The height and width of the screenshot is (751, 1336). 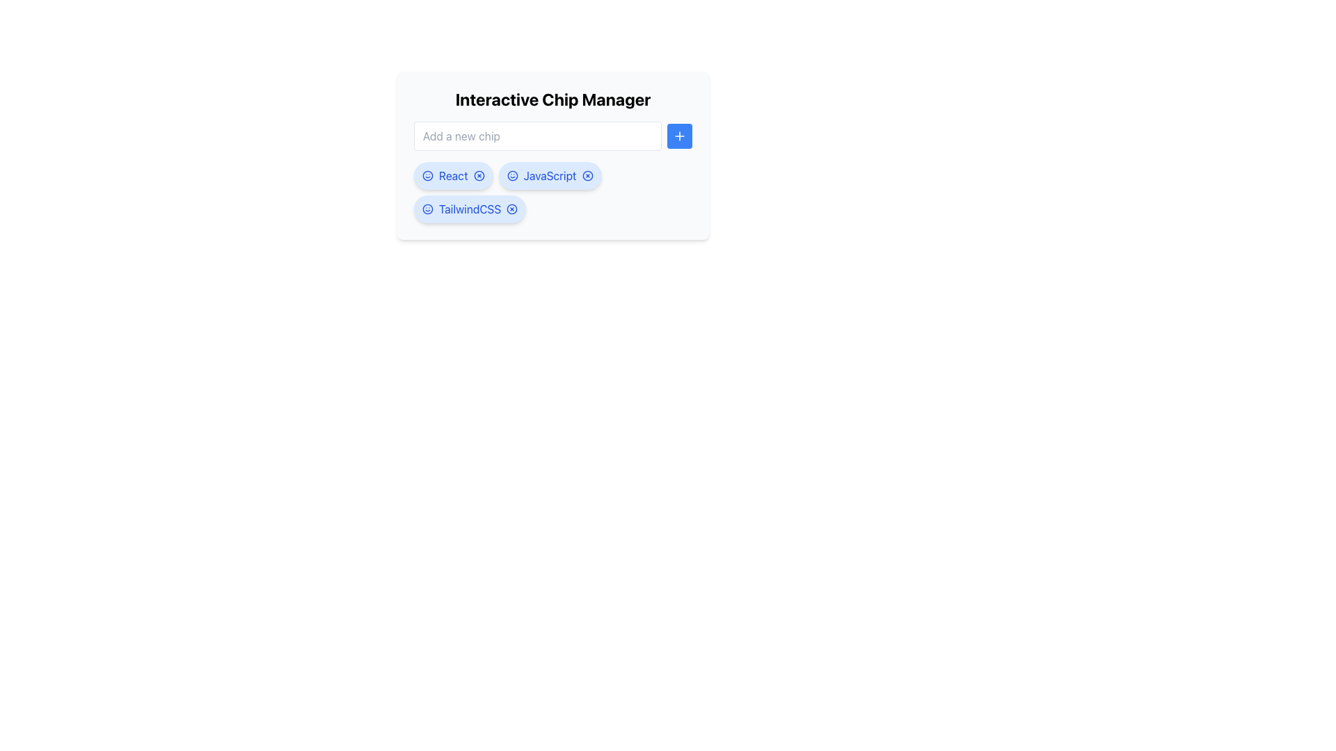 I want to click on the primary circular graphical component within the smiley face icon, which is part of the SVG element, so click(x=511, y=175).